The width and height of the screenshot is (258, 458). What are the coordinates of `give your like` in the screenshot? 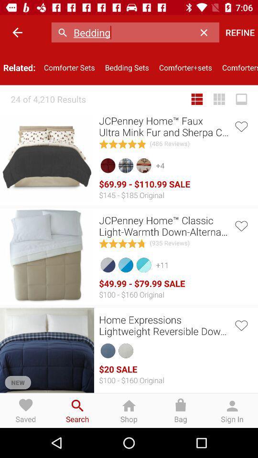 It's located at (240, 324).